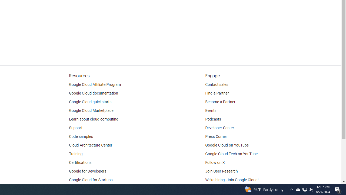 The width and height of the screenshot is (346, 195). Describe the element at coordinates (90, 102) in the screenshot. I see `'Google Cloud quickstarts'` at that location.